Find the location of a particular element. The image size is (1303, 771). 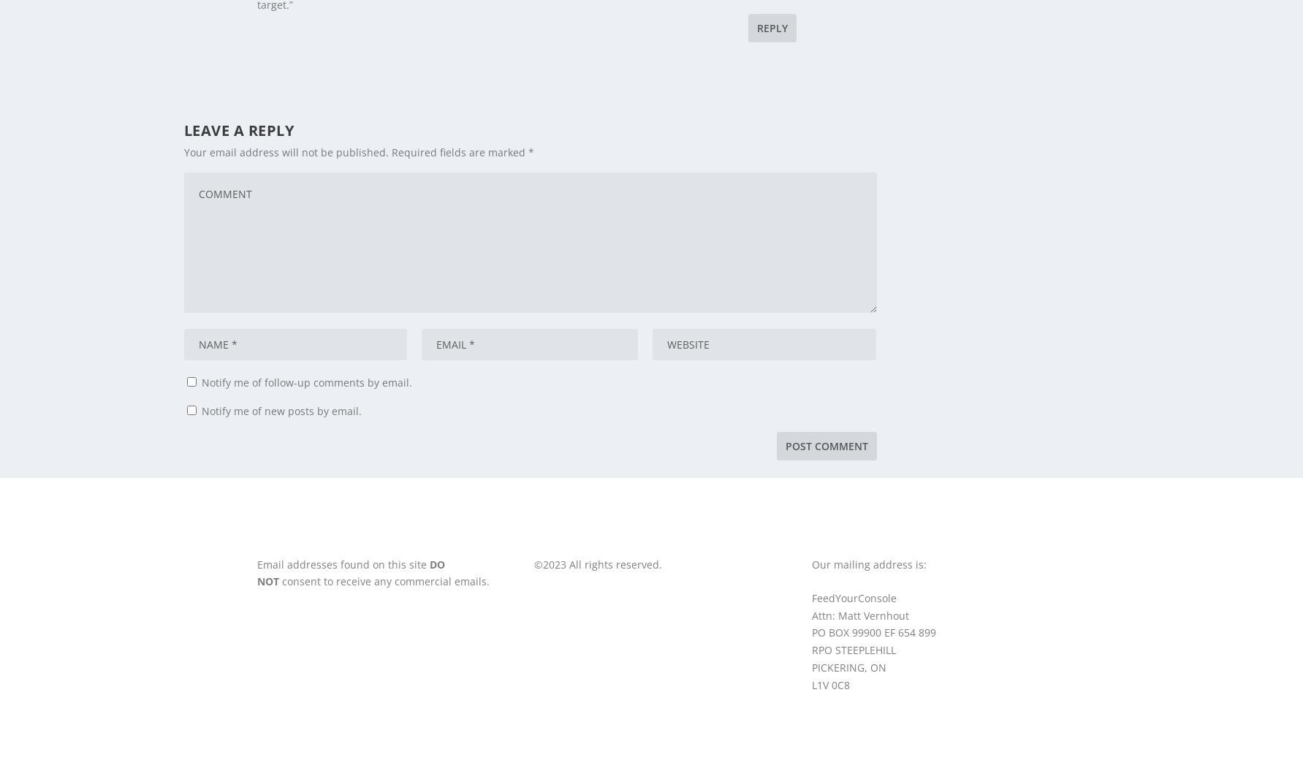

'RPO STEEPLEHILL' is located at coordinates (810, 649).